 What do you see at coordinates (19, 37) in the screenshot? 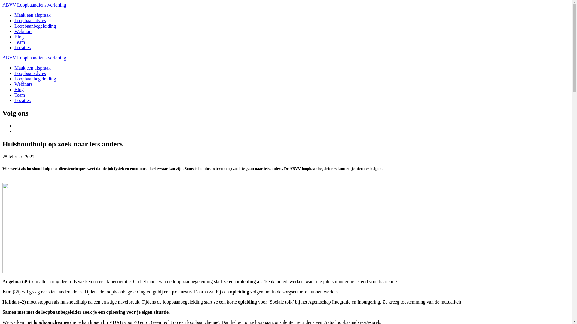
I see `'Blog'` at bounding box center [19, 37].